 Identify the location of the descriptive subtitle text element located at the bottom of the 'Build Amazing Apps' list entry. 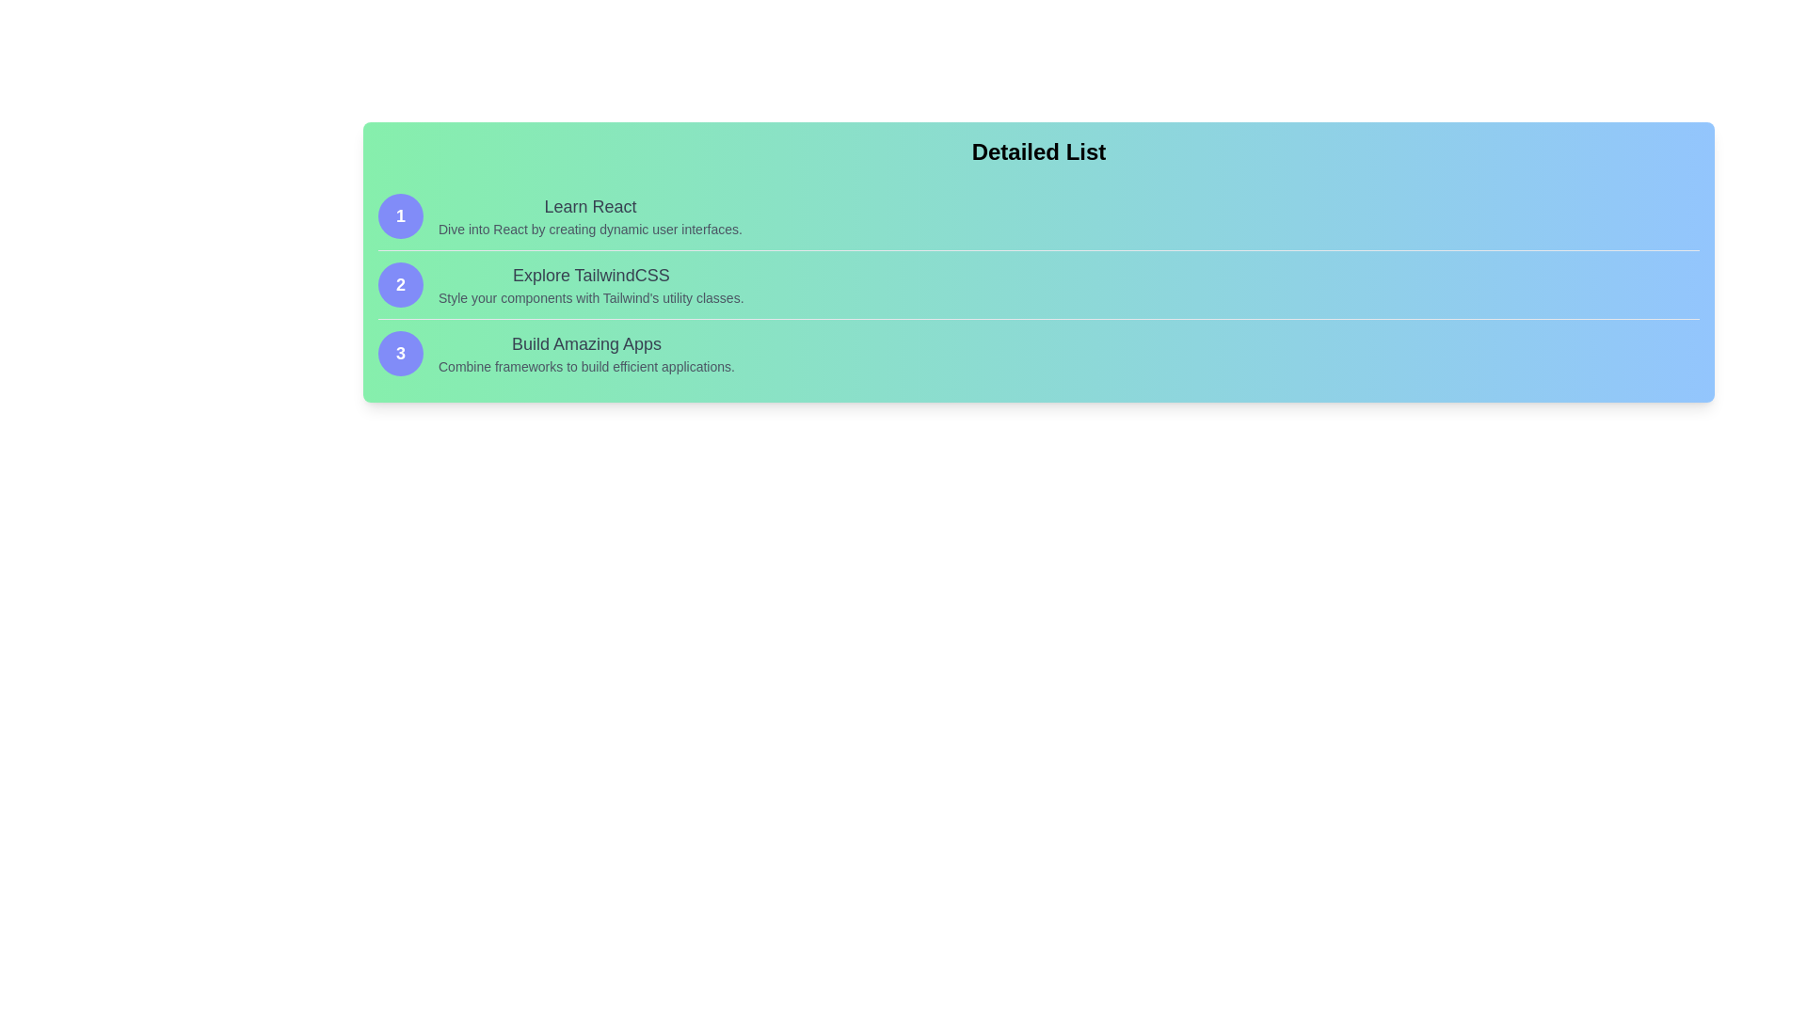
(585, 366).